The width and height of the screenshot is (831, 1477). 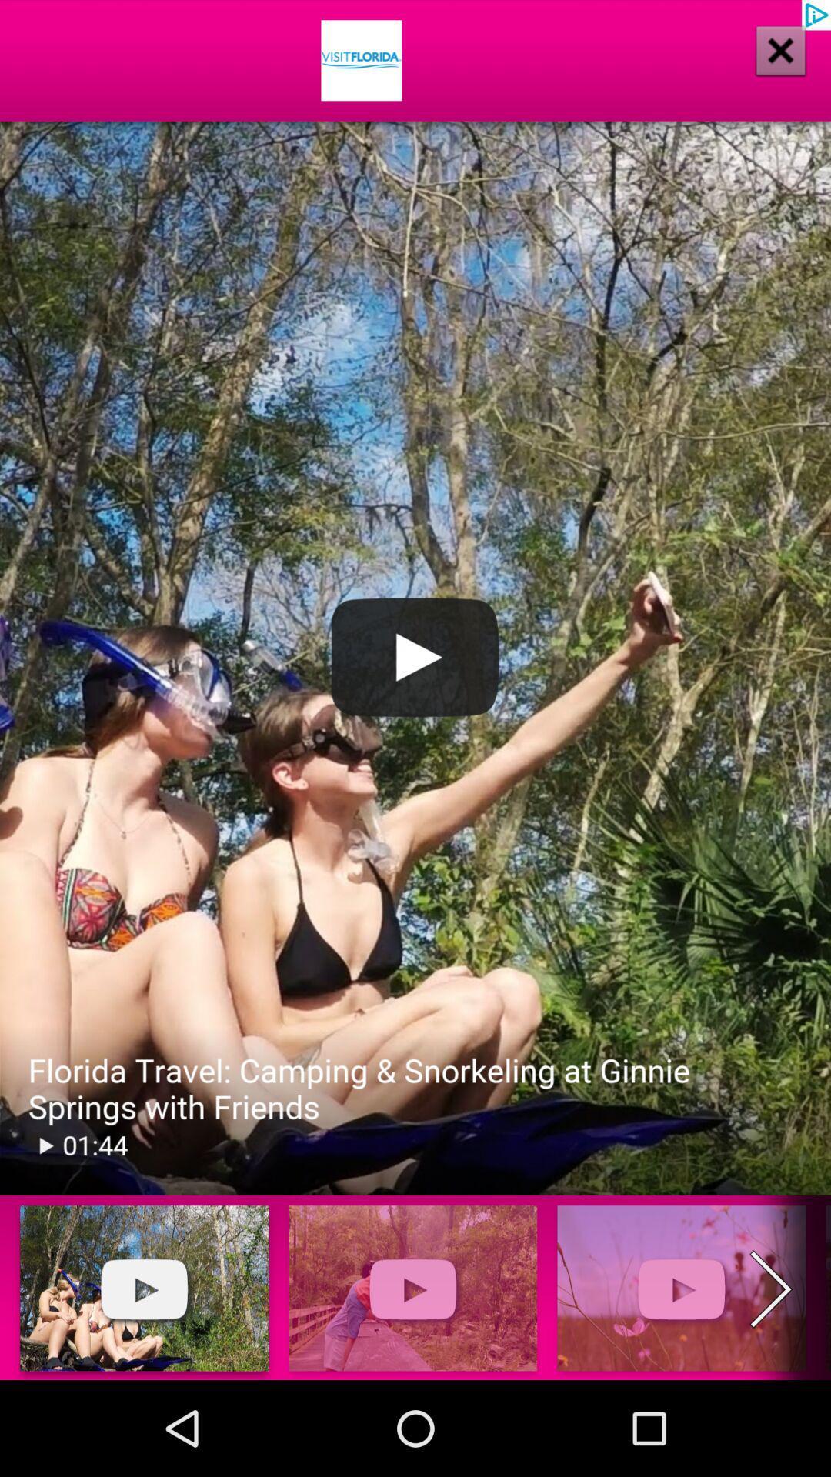 I want to click on the close icon, so click(x=759, y=69).